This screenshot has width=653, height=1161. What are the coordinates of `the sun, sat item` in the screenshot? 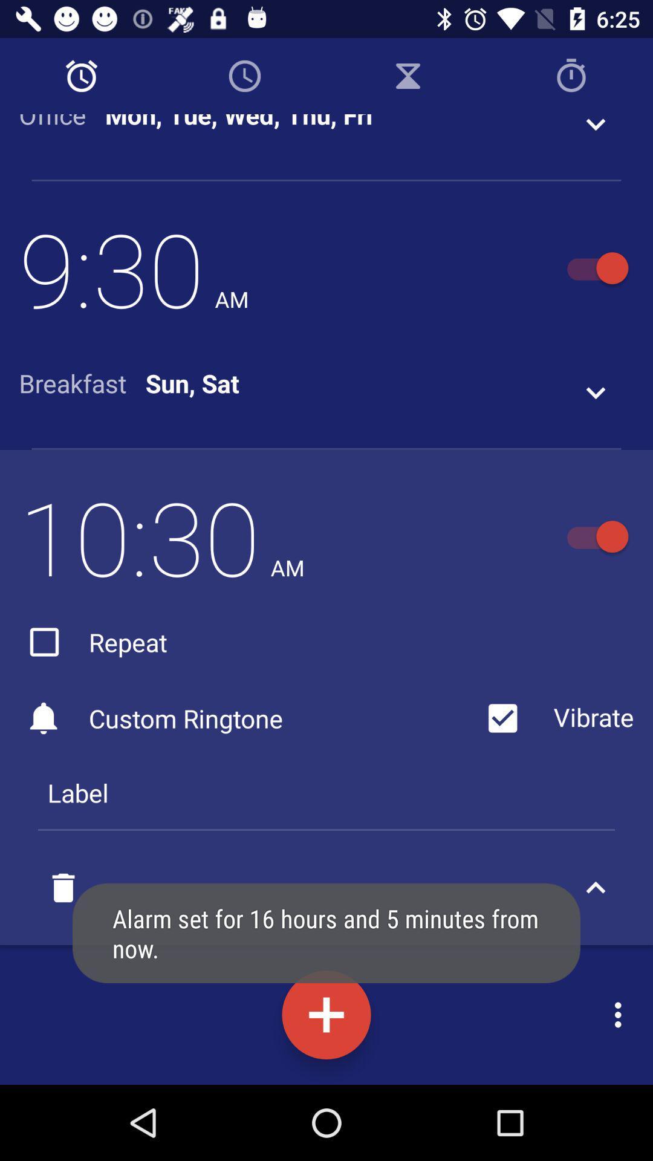 It's located at (192, 382).